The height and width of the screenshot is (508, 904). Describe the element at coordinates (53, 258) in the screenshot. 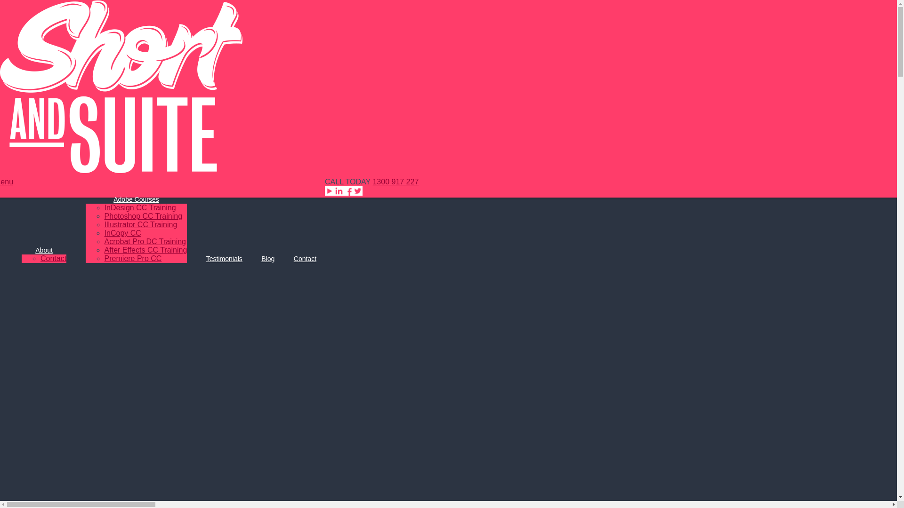

I see `'Contact'` at that location.